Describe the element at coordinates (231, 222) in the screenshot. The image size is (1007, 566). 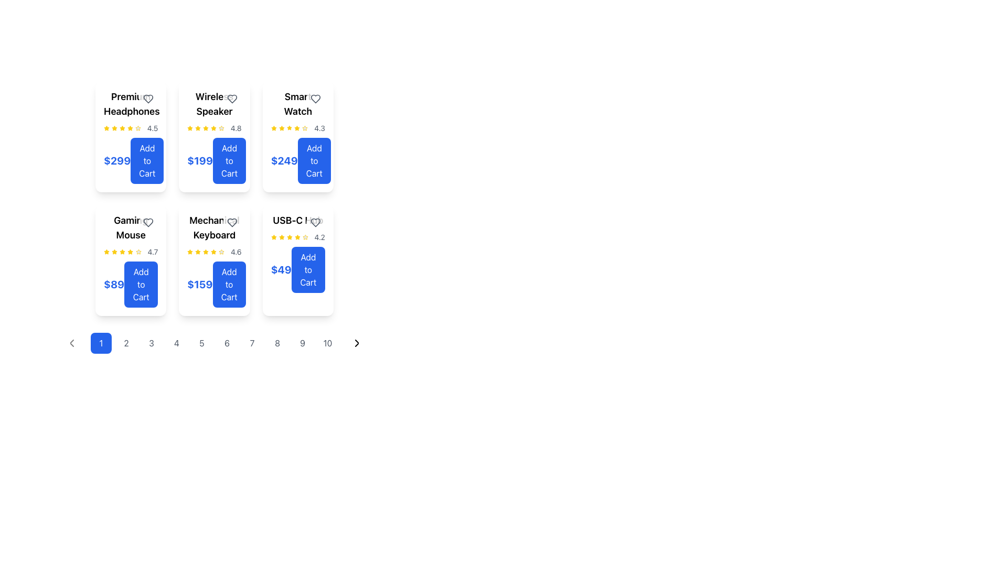
I see `the heart-shaped icon button located in the top-right corner of the 'Mechanical Keyboard' product card to observe any tooltip that may appear` at that location.